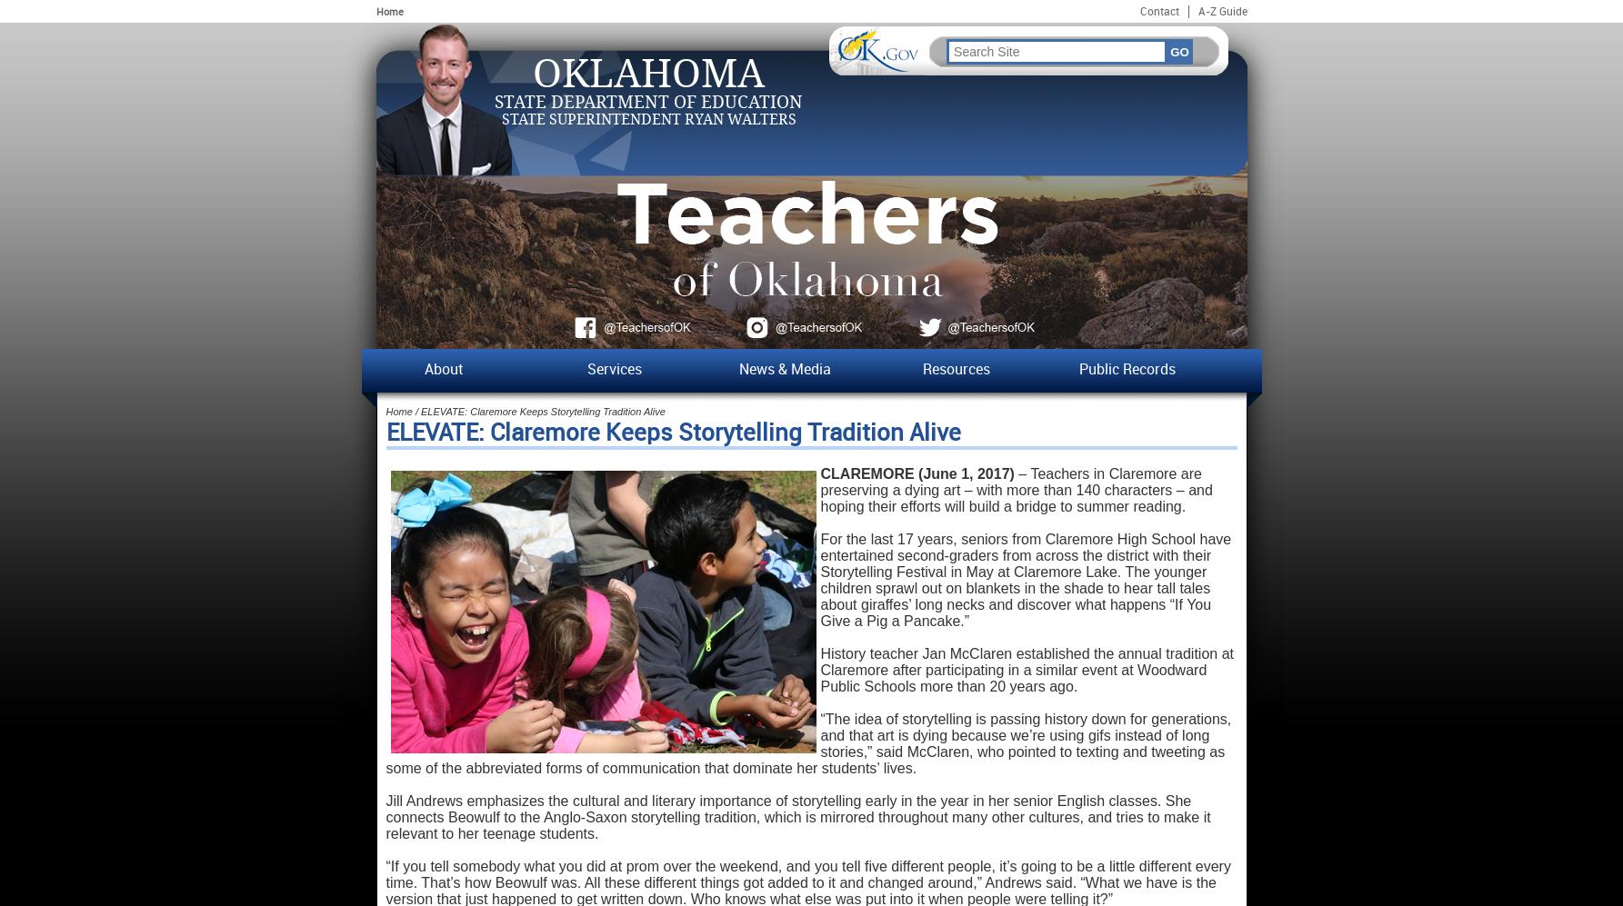  What do you see at coordinates (672, 433) in the screenshot?
I see `'ELEVATE:  Claremore Keeps Storytelling Tradition Alive'` at bounding box center [672, 433].